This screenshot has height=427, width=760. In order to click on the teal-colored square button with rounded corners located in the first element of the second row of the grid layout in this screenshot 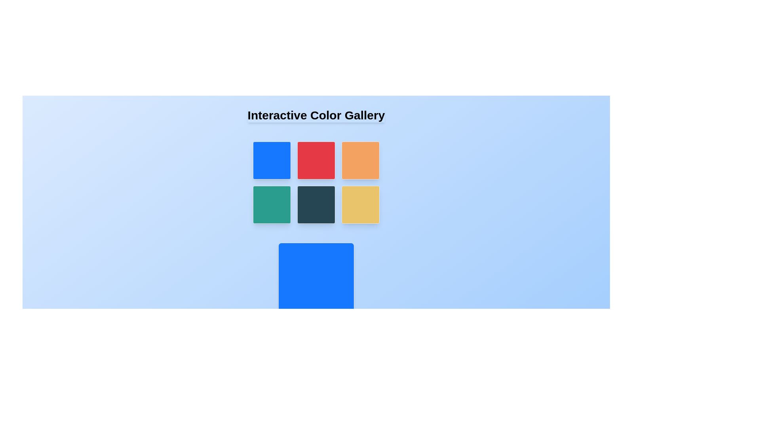, I will do `click(272, 204)`.